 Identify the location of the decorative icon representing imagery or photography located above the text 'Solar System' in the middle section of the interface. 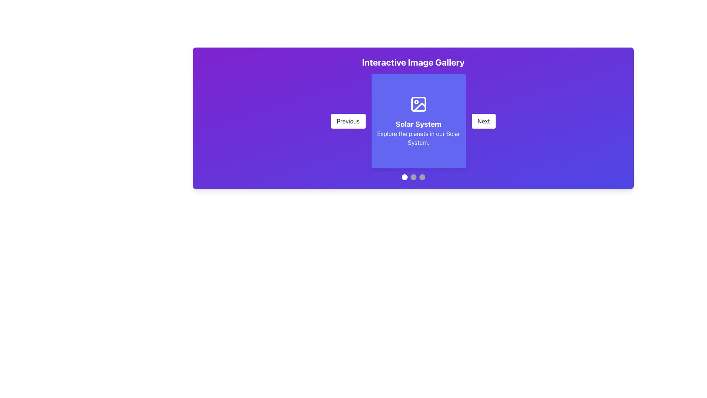
(418, 104).